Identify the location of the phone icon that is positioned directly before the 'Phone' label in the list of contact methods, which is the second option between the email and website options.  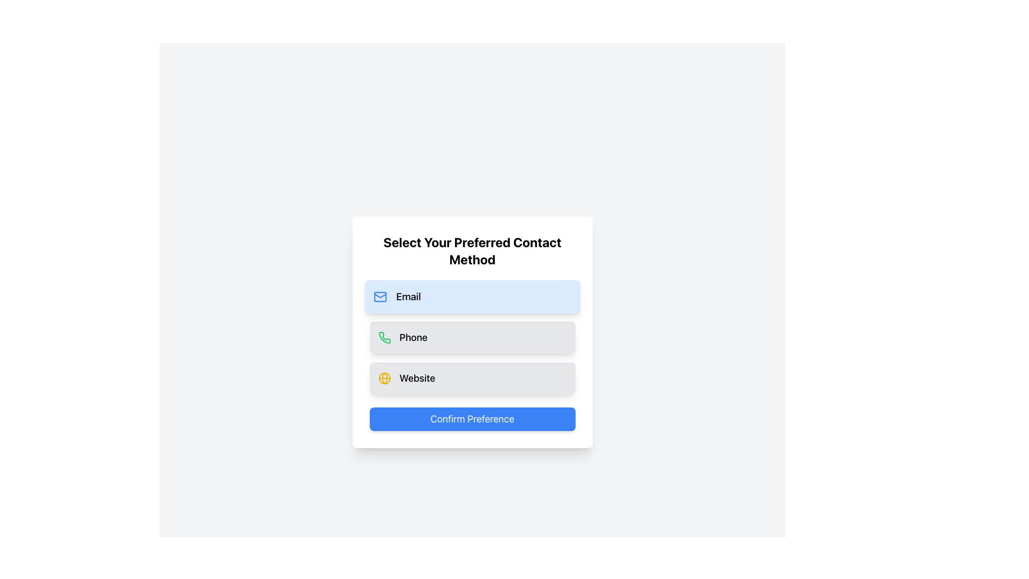
(384, 337).